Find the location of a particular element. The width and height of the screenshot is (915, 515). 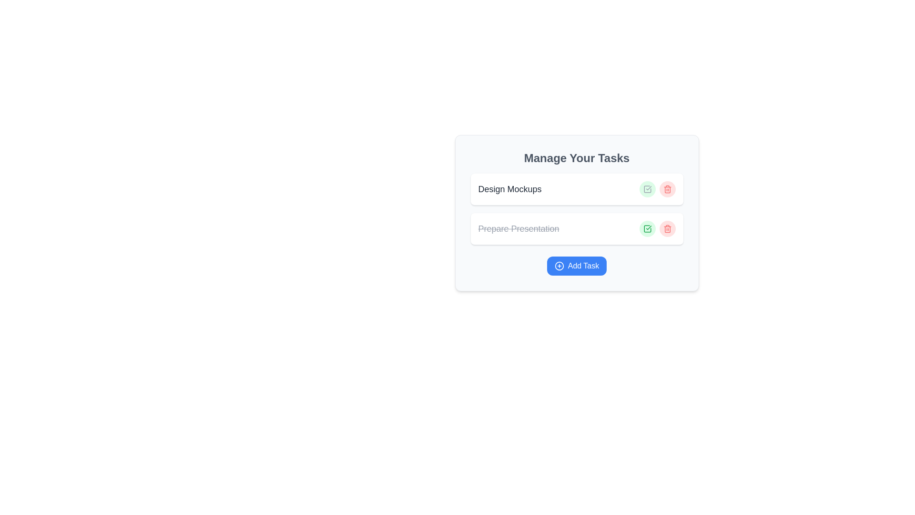

the green check button on the right side of the completed task 'Prepare Presentation' to mark it as incomplete is located at coordinates (576, 229).